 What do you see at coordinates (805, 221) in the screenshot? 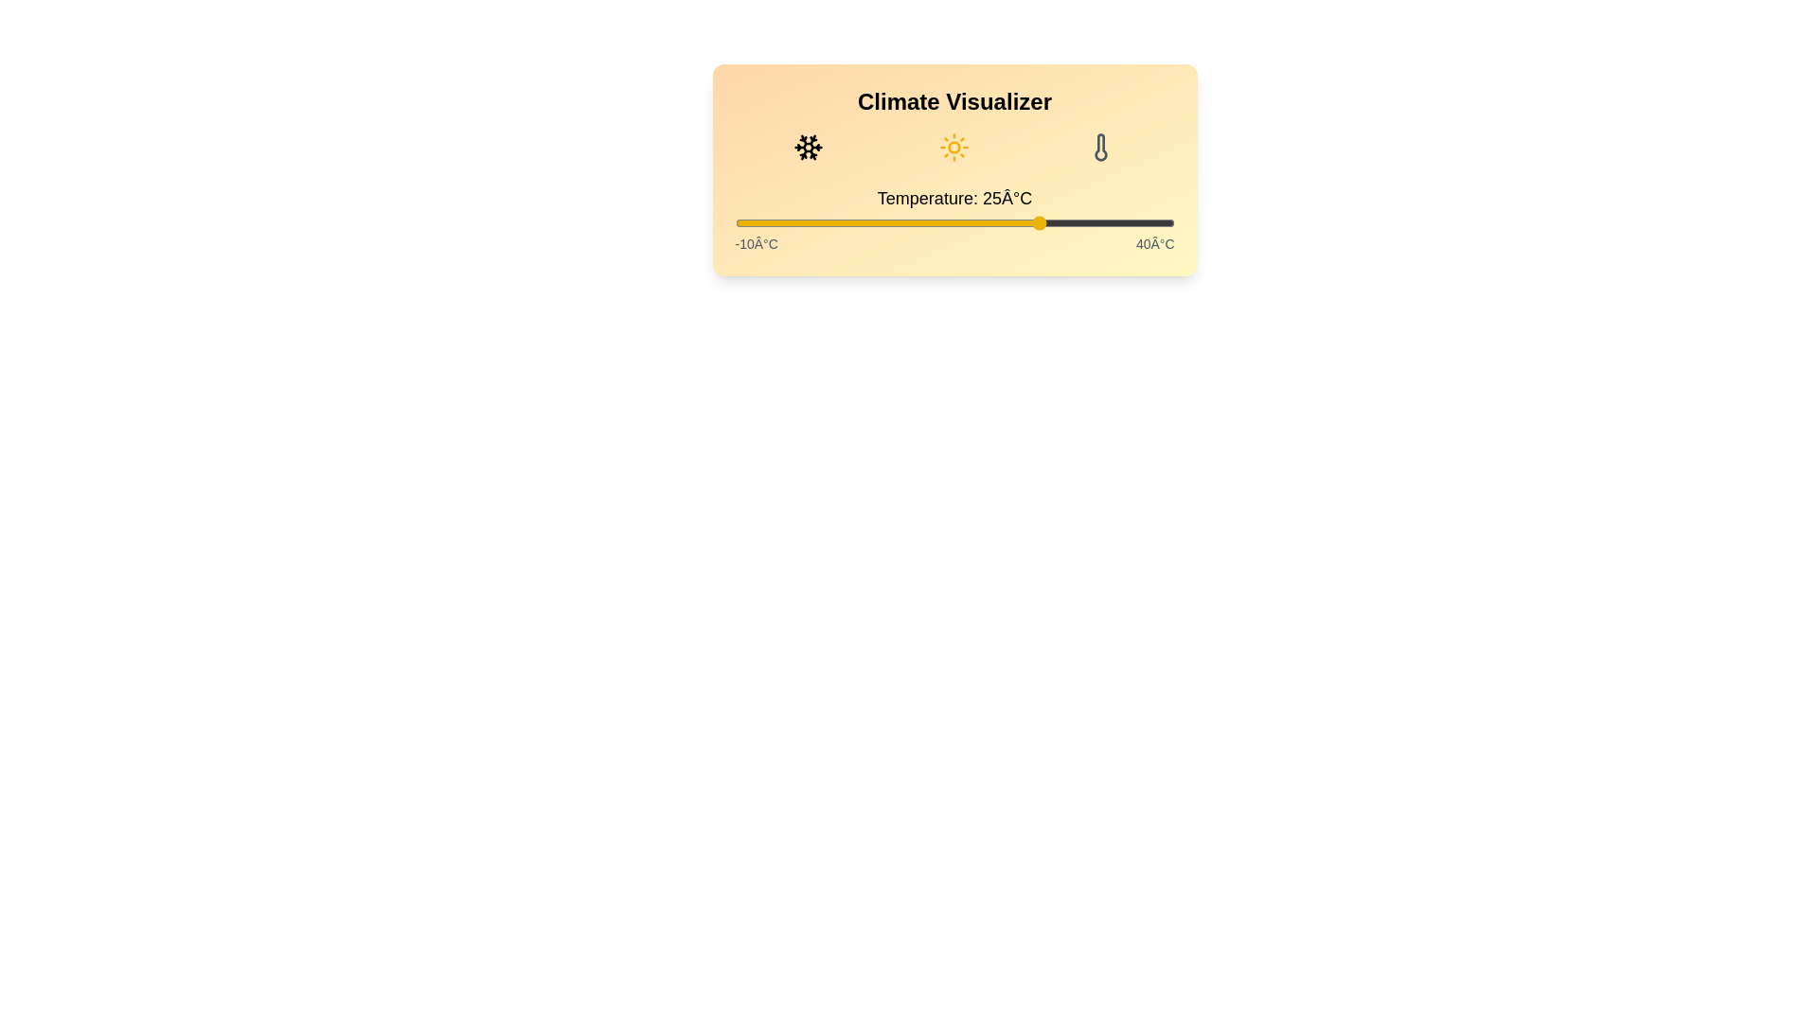
I see `the temperature slider to -2°C` at bounding box center [805, 221].